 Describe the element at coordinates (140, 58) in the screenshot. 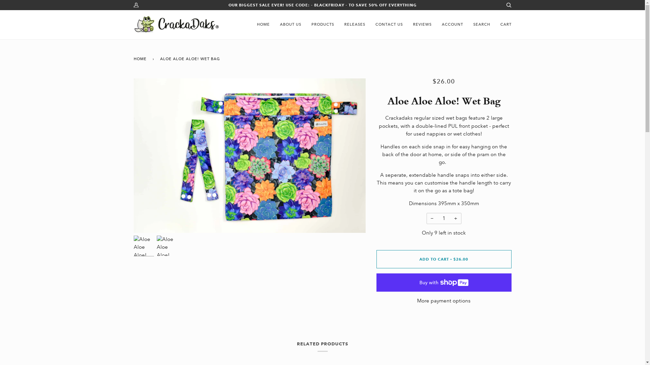

I see `'HOME'` at that location.